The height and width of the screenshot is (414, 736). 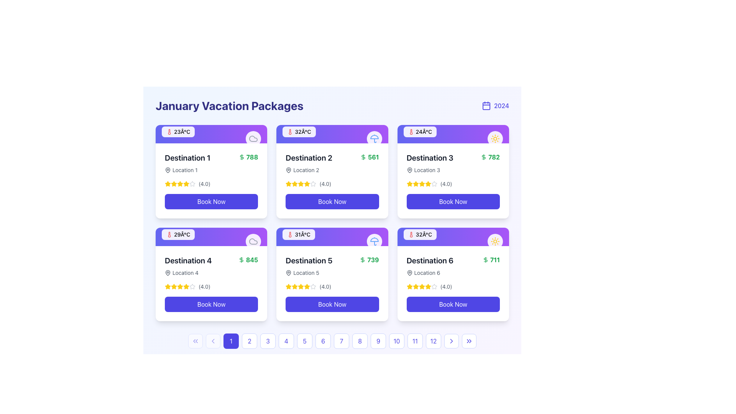 I want to click on the star icon representing a single unit of the 5-star rating system for 'Destination 3', located below the 'Destination 3' card in the third card of the top row, so click(x=421, y=184).